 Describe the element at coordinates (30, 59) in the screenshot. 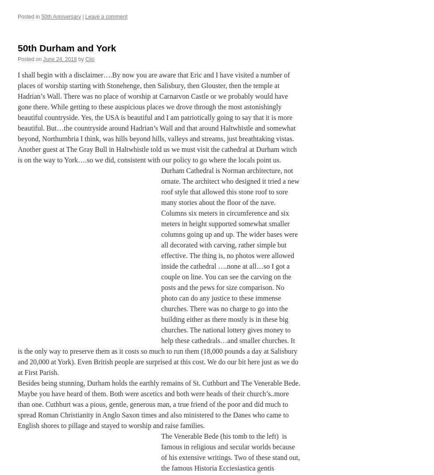

I see `'Posted on'` at that location.